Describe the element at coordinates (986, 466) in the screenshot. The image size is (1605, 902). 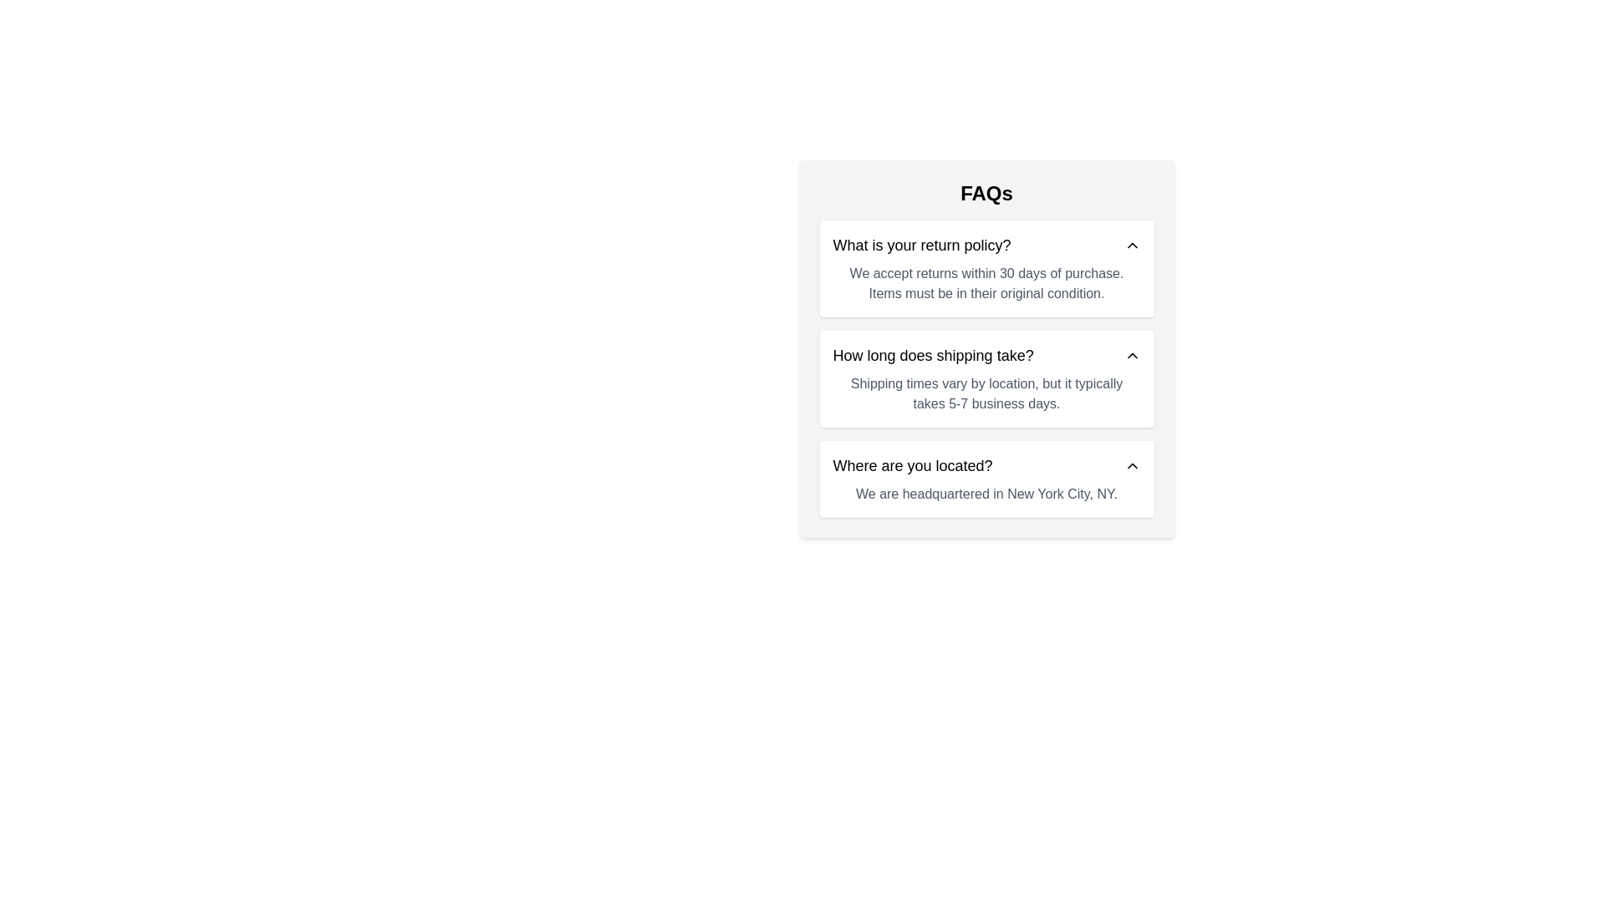
I see `the clickable header element that says 'Where are you located?' for accessibility interactions` at that location.